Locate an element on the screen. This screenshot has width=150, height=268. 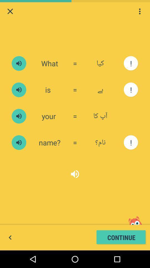
the close icon is located at coordinates (10, 12).